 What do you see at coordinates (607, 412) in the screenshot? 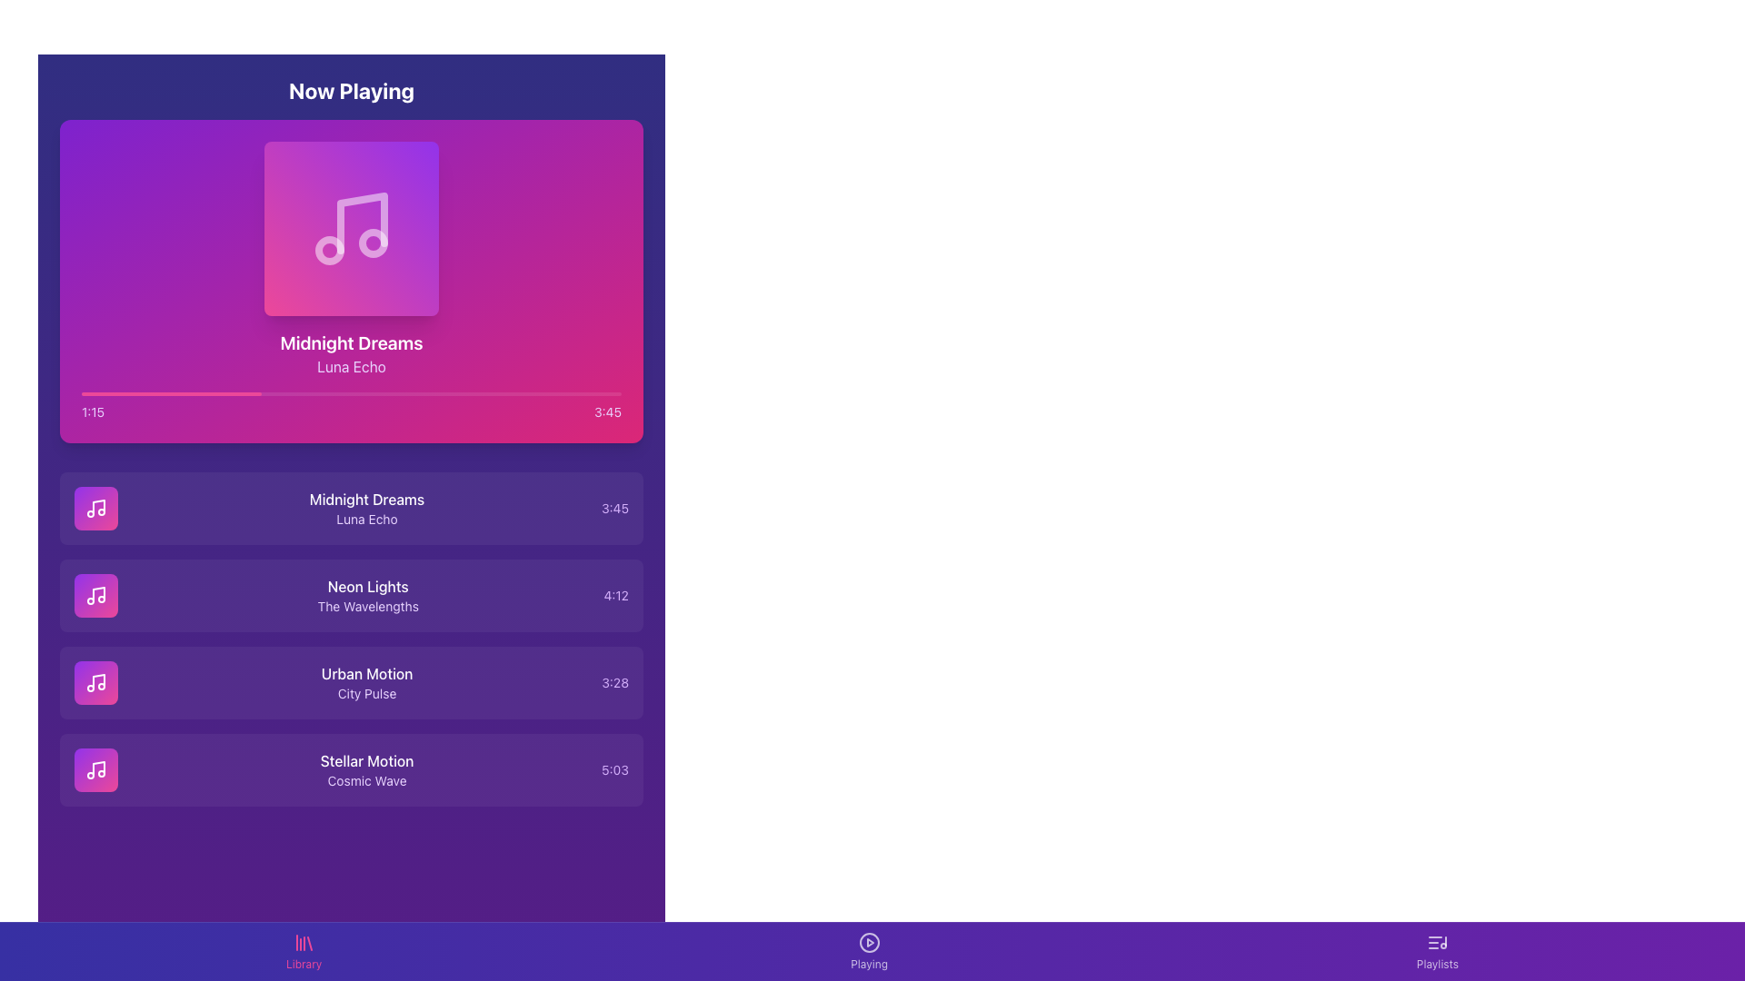
I see `the static text label displaying the total duration of the currently playing track in the lower-right corner of the 'Now Playing' section` at bounding box center [607, 412].